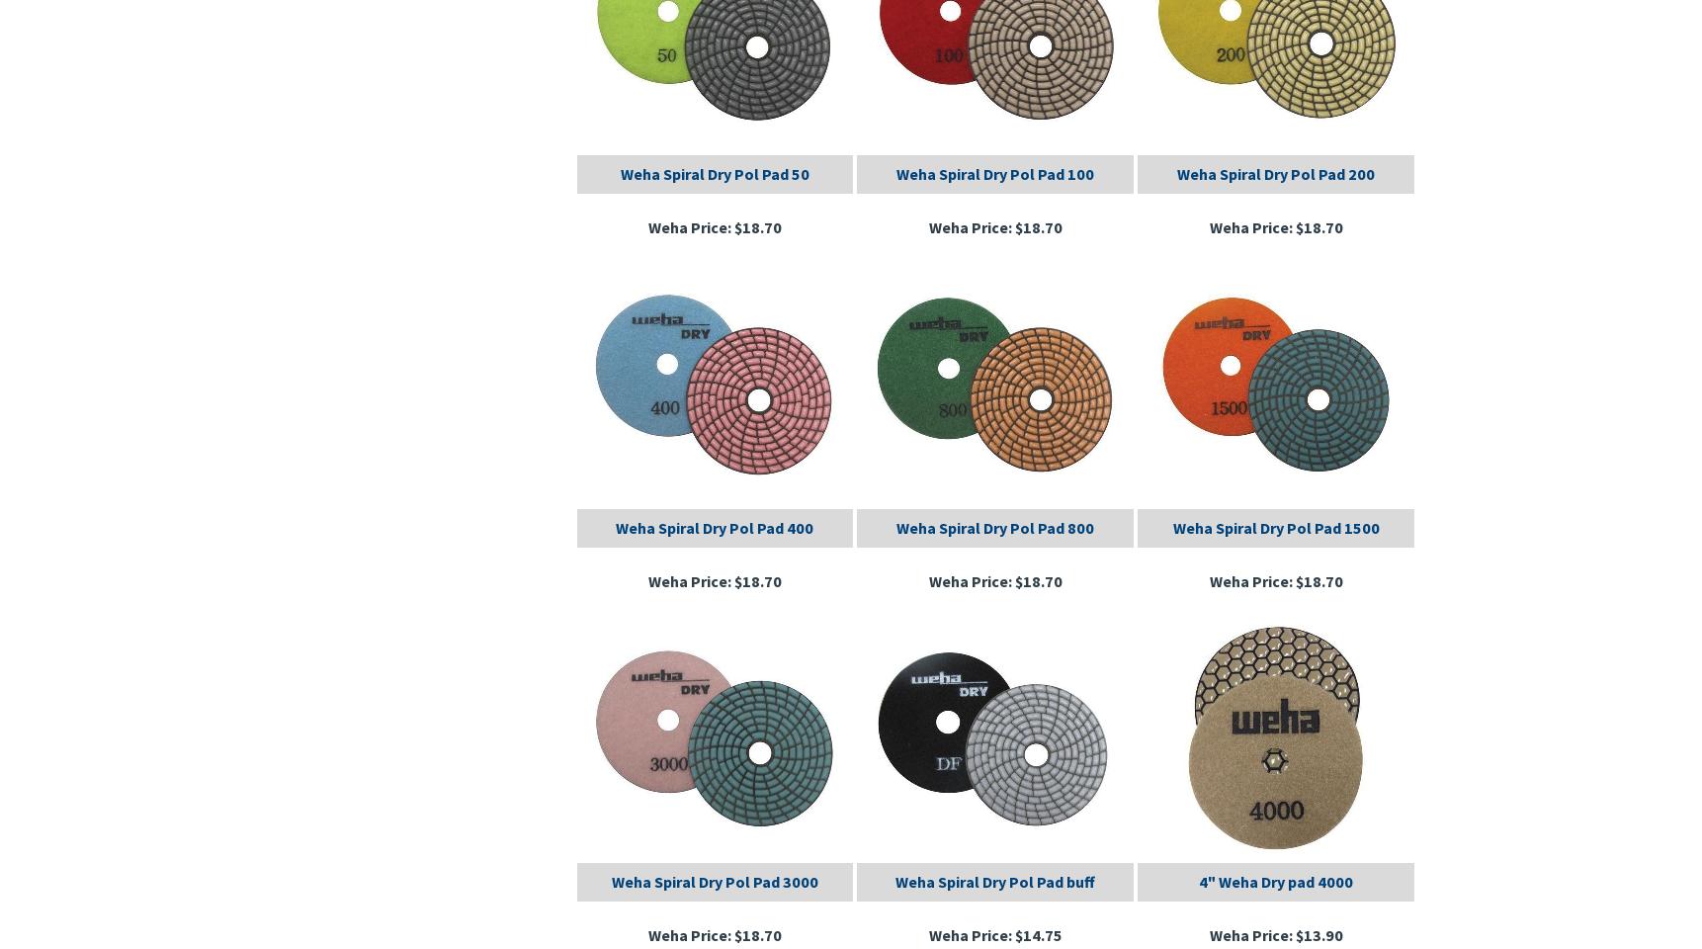 The image size is (1702, 949). I want to click on 'Weha Spiral Dry Pol Pad 100', so click(995, 172).